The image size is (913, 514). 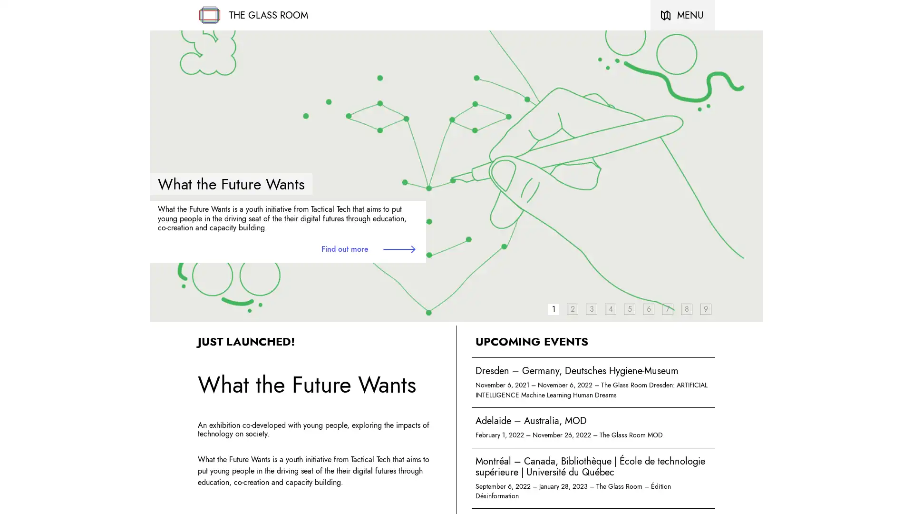 I want to click on slide item 5, so click(x=630, y=308).